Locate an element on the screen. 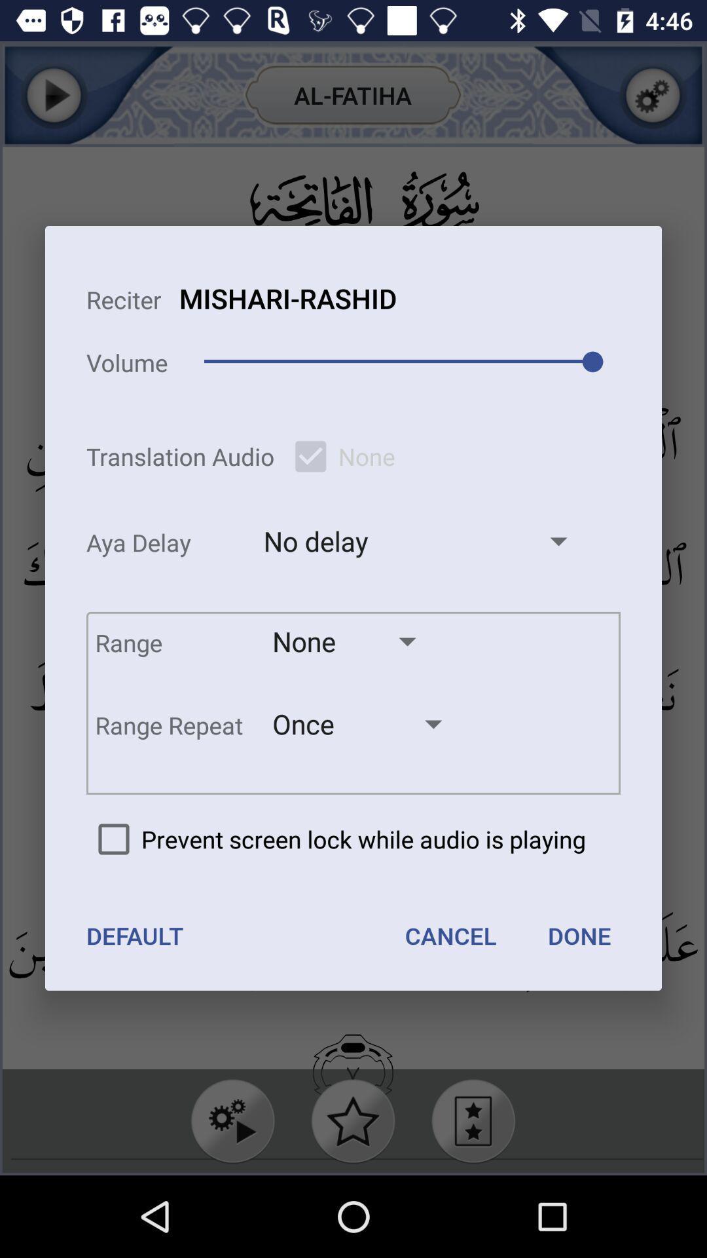 This screenshot has height=1258, width=707. the item below range repeat is located at coordinates (335, 839).